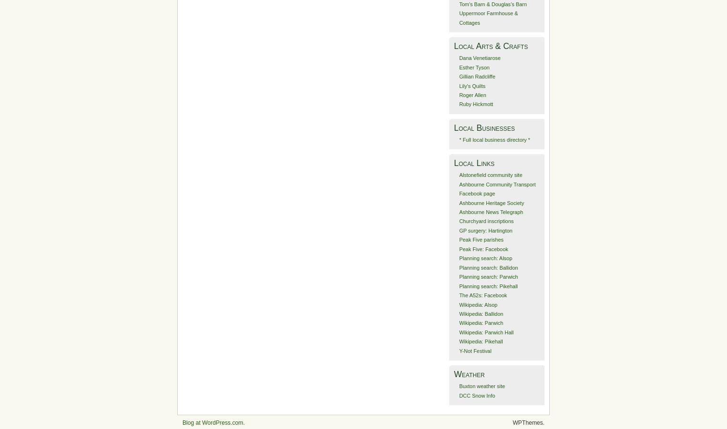  What do you see at coordinates (459, 267) in the screenshot?
I see `'Planning search: Ballidon'` at bounding box center [459, 267].